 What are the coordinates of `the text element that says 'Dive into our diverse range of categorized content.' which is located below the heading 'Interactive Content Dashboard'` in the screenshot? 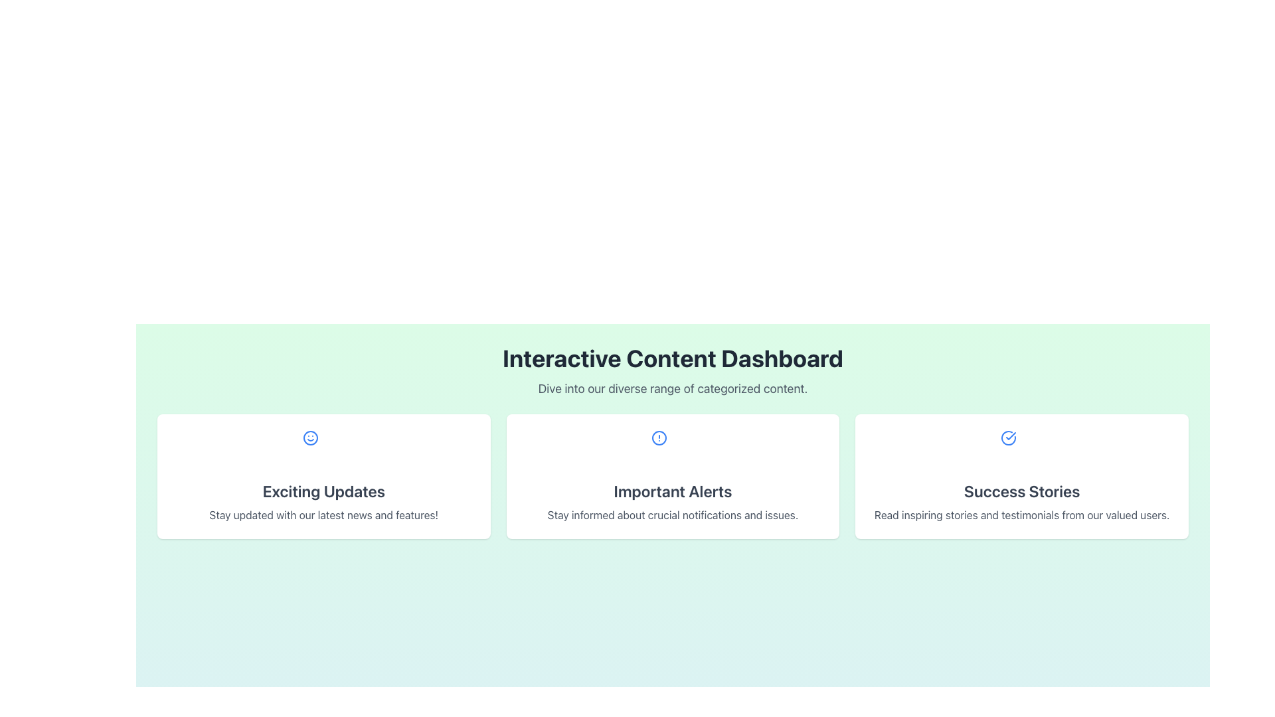 It's located at (673, 388).